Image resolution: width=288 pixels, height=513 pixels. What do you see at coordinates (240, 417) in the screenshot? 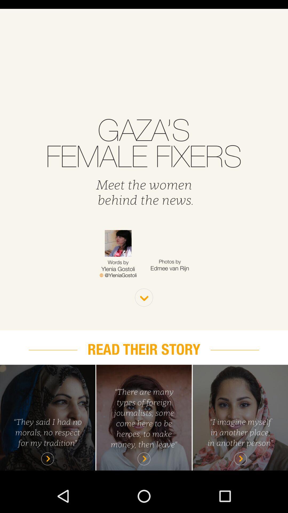
I see `open story` at bounding box center [240, 417].